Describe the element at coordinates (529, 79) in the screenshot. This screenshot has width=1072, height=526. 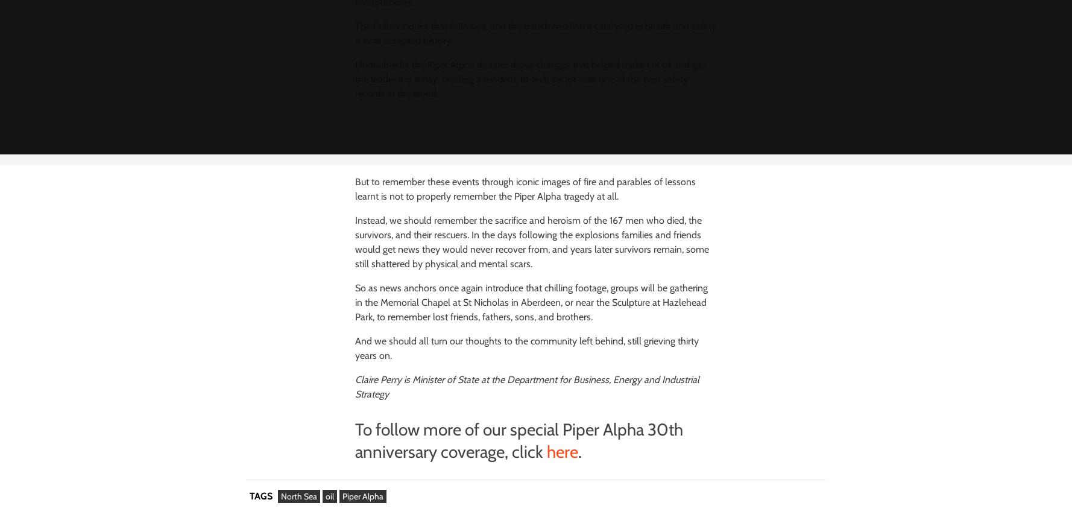
I see `'Undoubtedly the Piper Alpha disaster drove changes that helped make UK oil and gas the leader it is today, creating a modern, hi-tech sector with one of the best safety records in the world.'` at that location.